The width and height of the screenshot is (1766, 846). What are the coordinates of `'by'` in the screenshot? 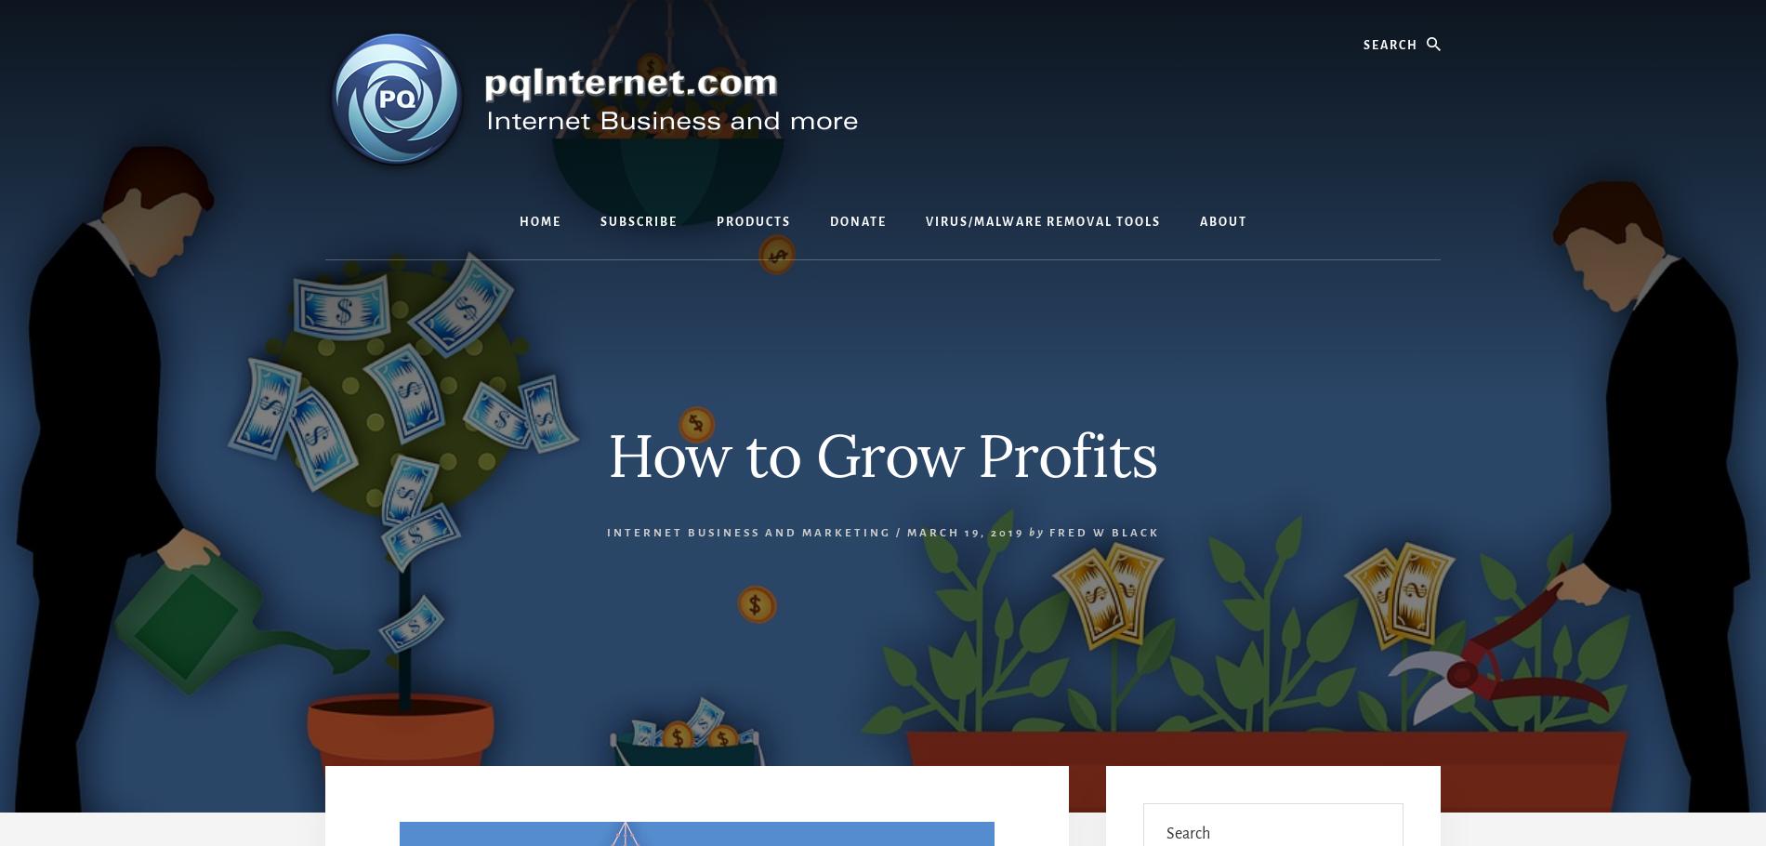 It's located at (1035, 532).